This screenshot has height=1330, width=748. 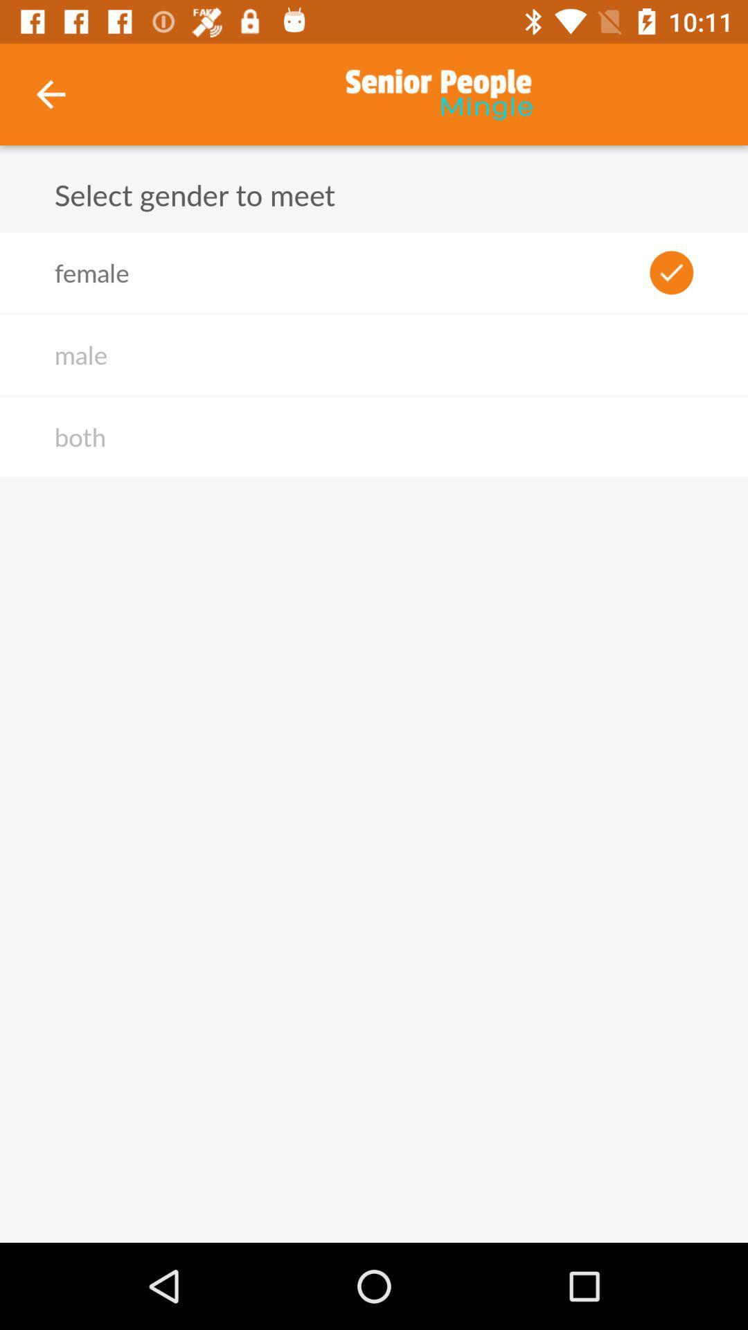 I want to click on icon below the female, so click(x=80, y=354).